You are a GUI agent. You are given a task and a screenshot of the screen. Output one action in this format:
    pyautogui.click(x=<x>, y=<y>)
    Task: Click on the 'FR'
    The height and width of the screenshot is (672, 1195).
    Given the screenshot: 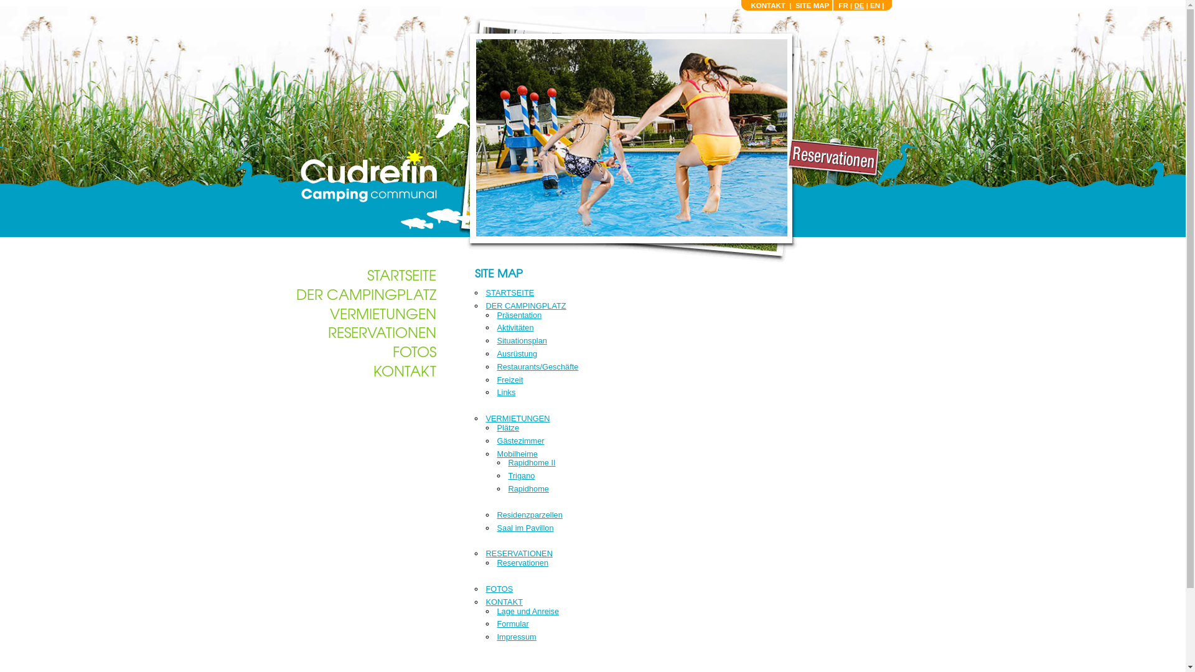 What is the action you would take?
    pyautogui.click(x=843, y=5)
    